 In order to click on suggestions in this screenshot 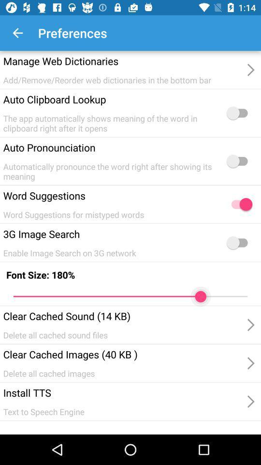, I will do `click(239, 204)`.